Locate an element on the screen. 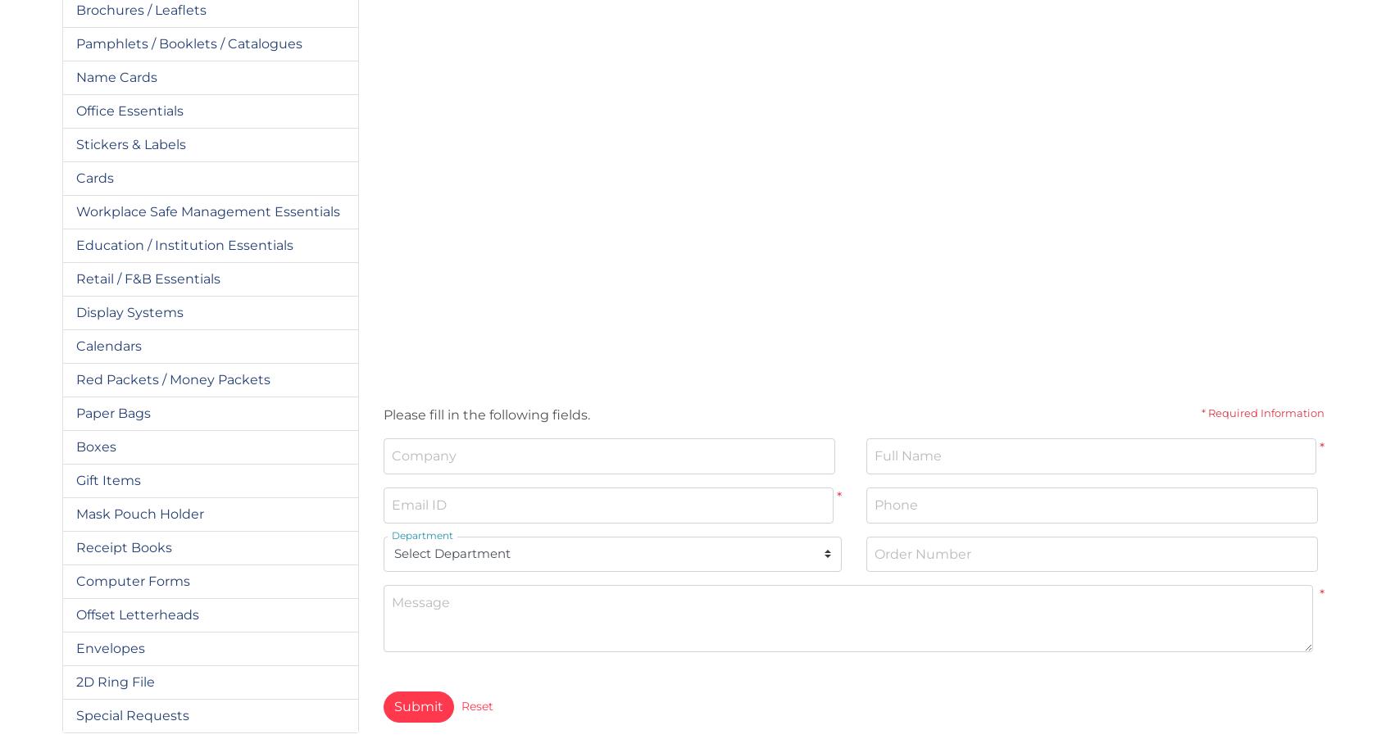  'Department' is located at coordinates (420, 533).